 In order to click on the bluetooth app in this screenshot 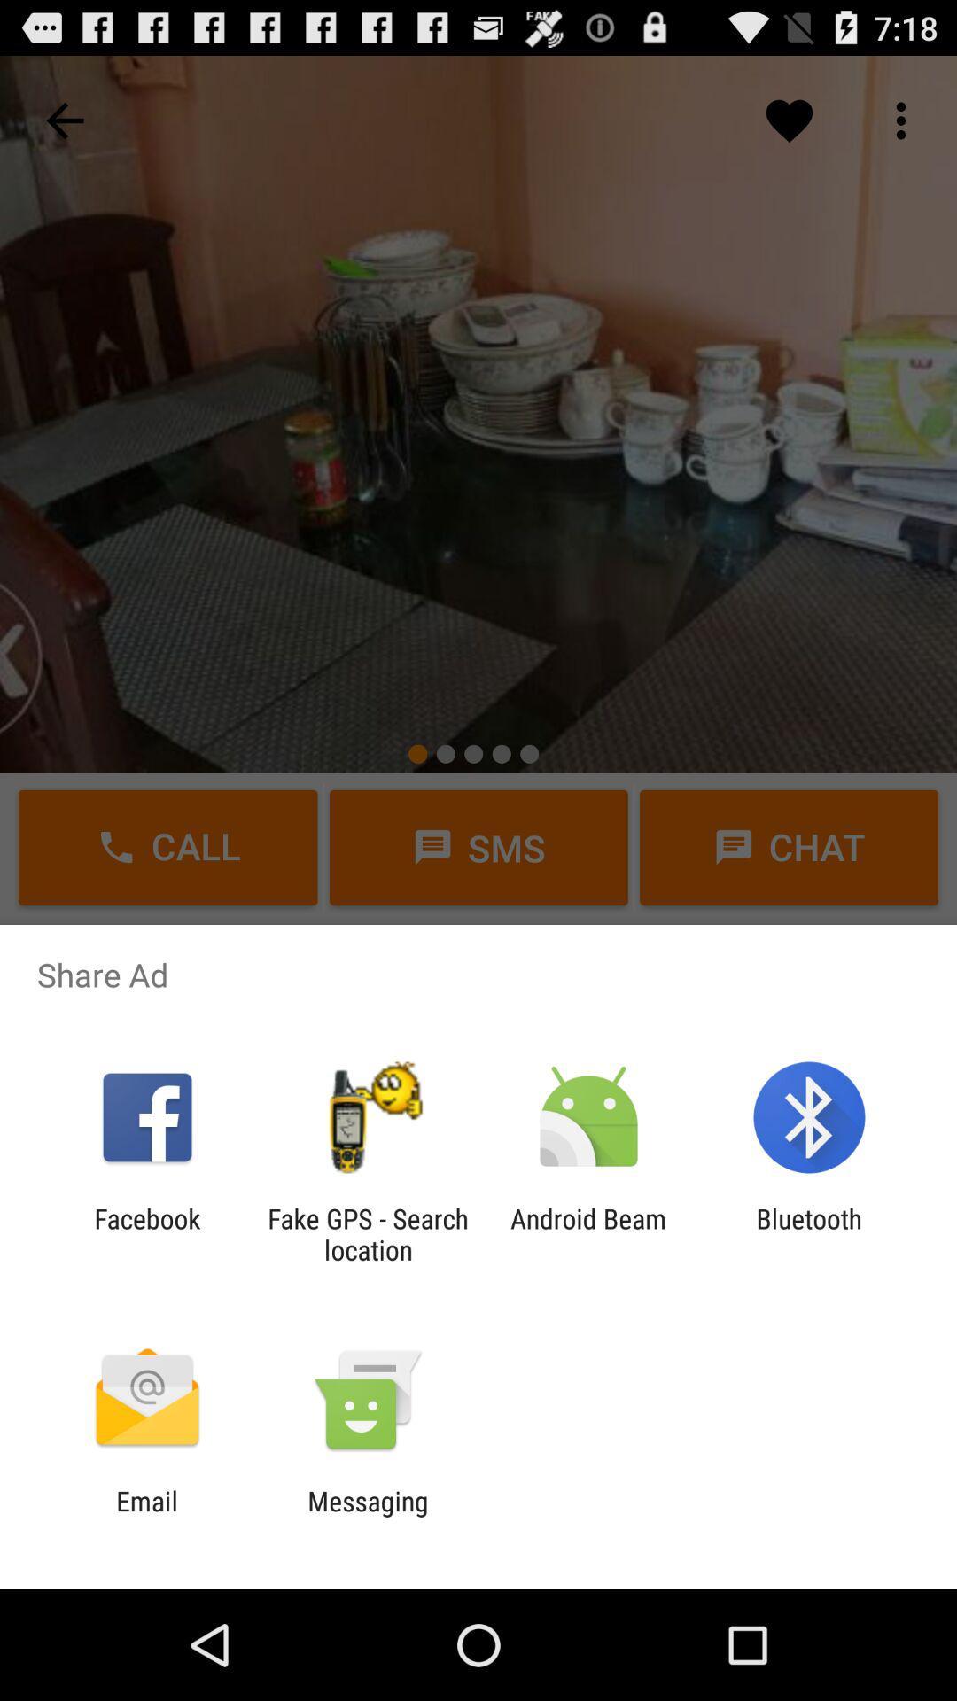, I will do `click(809, 1233)`.